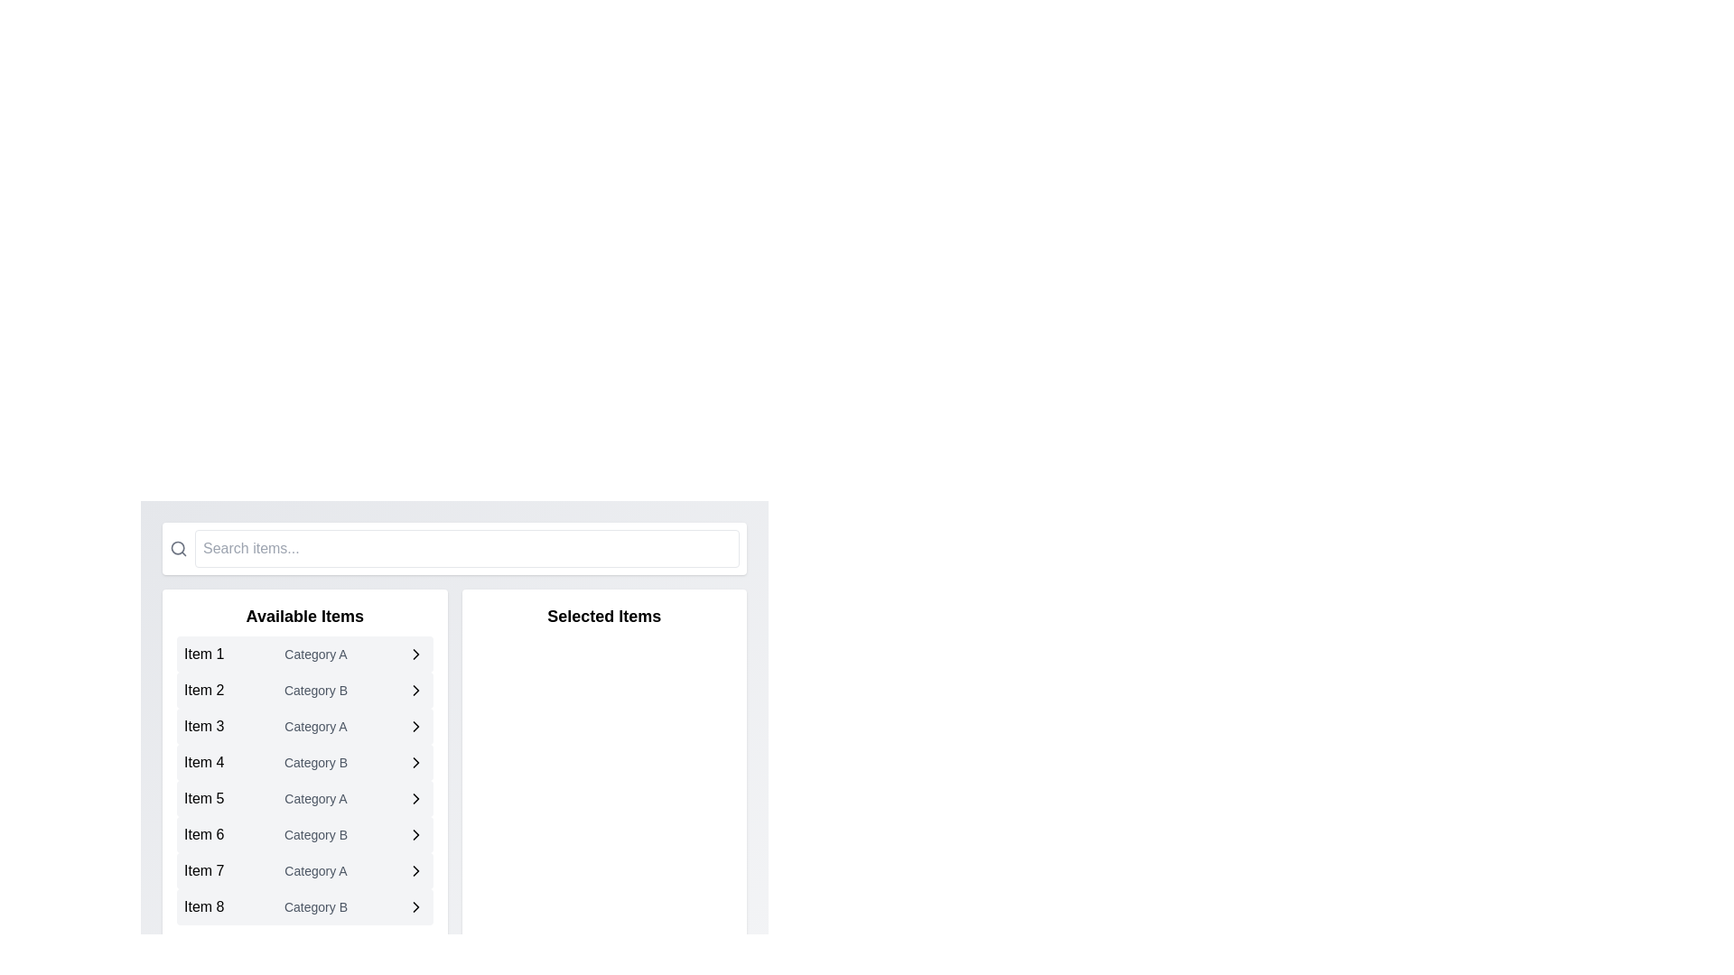 The image size is (1734, 975). I want to click on static text label that serves as a descriptor for a selectable item in the 'Available Items' section, positioned as the sixth item in the vertical list on the left-hand side of the interface, so click(204, 835).